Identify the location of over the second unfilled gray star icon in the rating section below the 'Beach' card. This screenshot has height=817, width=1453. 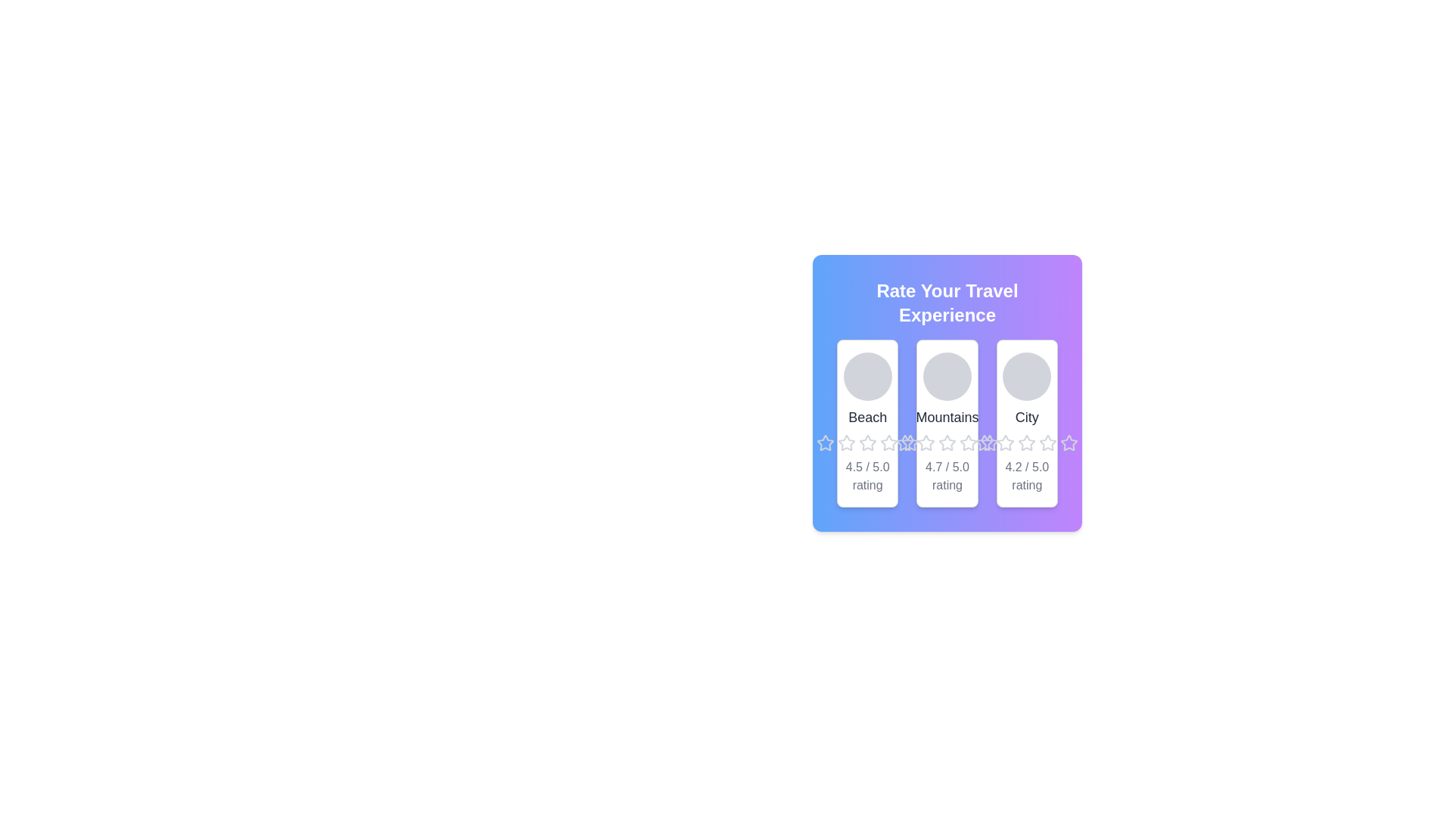
(845, 443).